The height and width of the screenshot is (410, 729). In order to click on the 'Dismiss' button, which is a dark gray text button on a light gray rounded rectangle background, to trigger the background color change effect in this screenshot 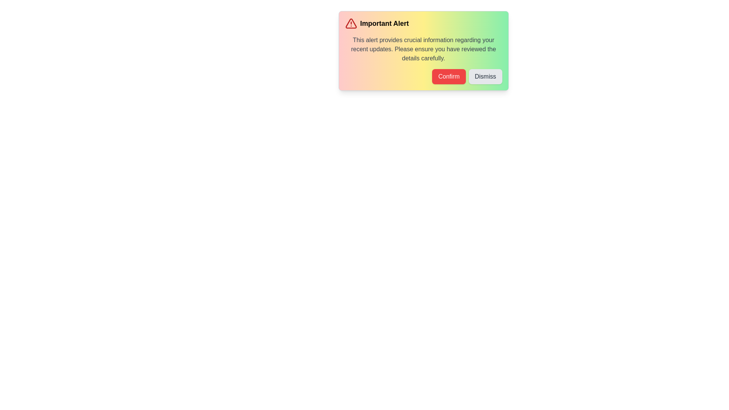, I will do `click(485, 76)`.